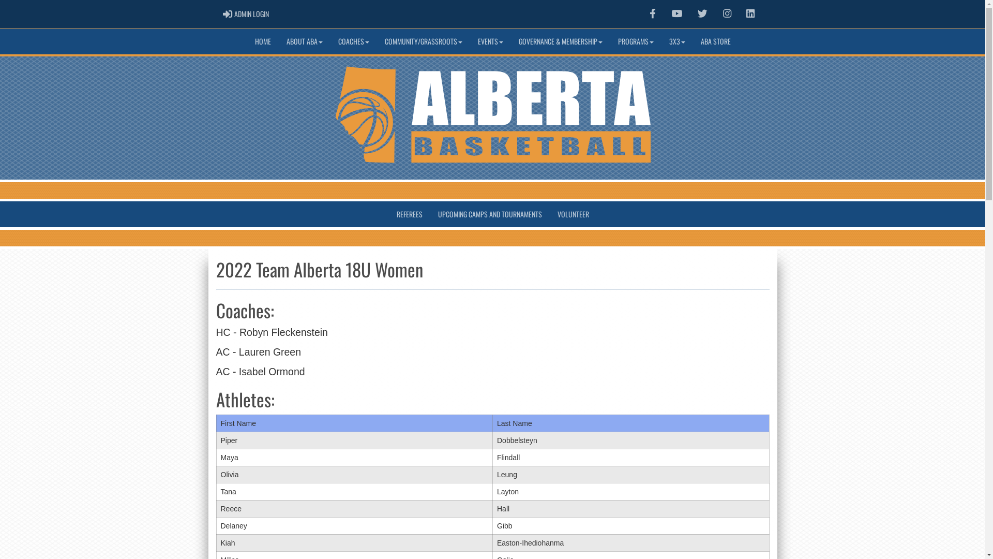 The width and height of the screenshot is (993, 559). Describe the element at coordinates (430, 213) in the screenshot. I see `'UPCOMING CAMPS AND TOURNAMENTS'` at that location.